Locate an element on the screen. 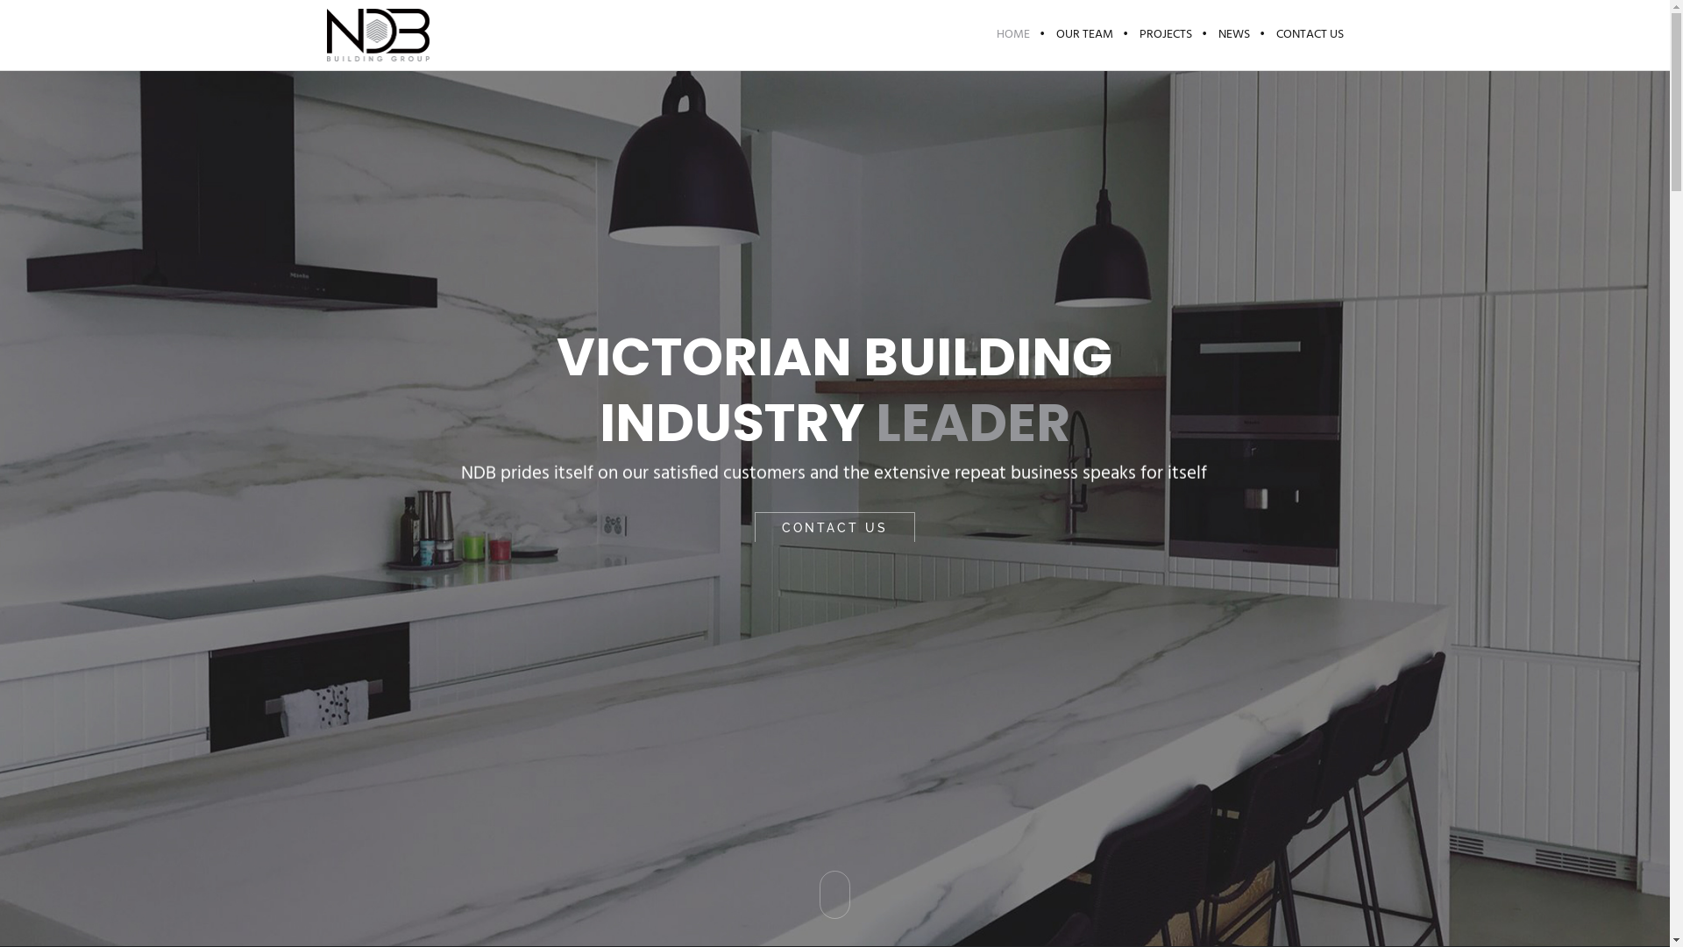 This screenshot has width=1683, height=947. 'CONTACT US' is located at coordinates (1303, 34).